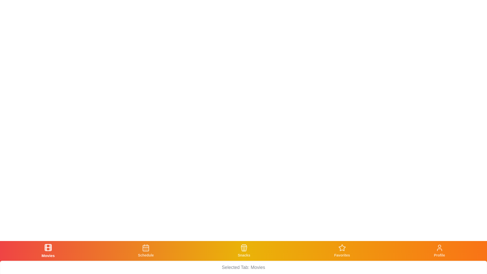 The image size is (487, 274). Describe the element at coordinates (342, 250) in the screenshot. I see `the tab with the label Favorites to view its icon and label` at that location.